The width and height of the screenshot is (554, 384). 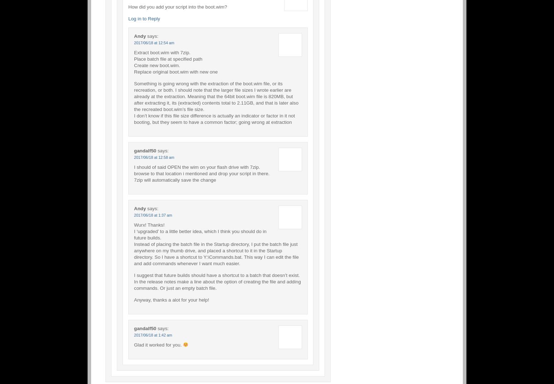 What do you see at coordinates (133, 52) in the screenshot?
I see `'Extract boot.wim with 7zip.'` at bounding box center [133, 52].